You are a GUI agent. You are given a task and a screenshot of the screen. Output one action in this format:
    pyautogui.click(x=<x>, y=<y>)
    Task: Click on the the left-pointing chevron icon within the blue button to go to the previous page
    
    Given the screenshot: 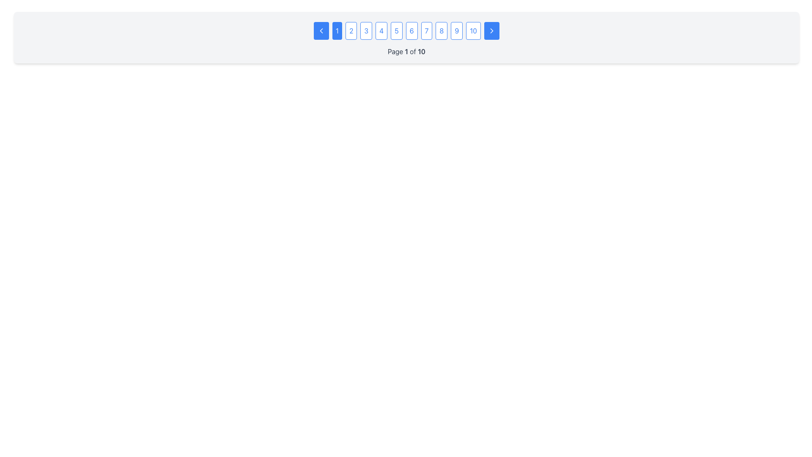 What is the action you would take?
    pyautogui.click(x=321, y=30)
    